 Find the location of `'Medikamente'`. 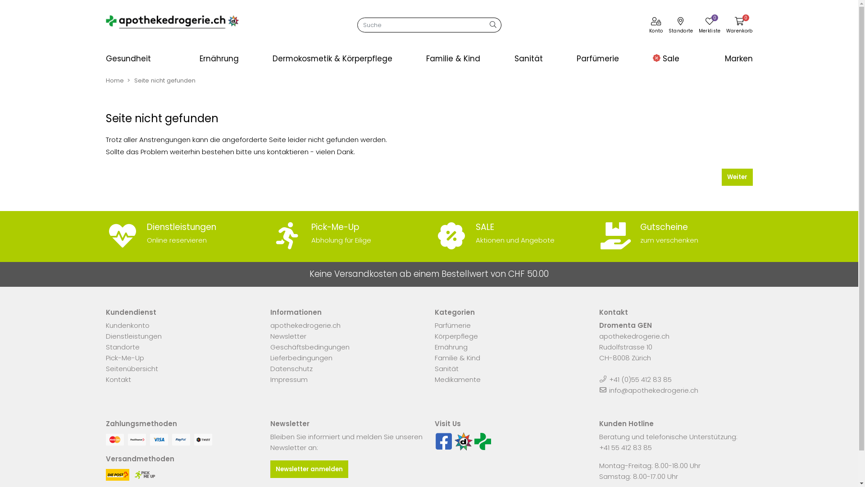

'Medikamente' is located at coordinates (434, 379).